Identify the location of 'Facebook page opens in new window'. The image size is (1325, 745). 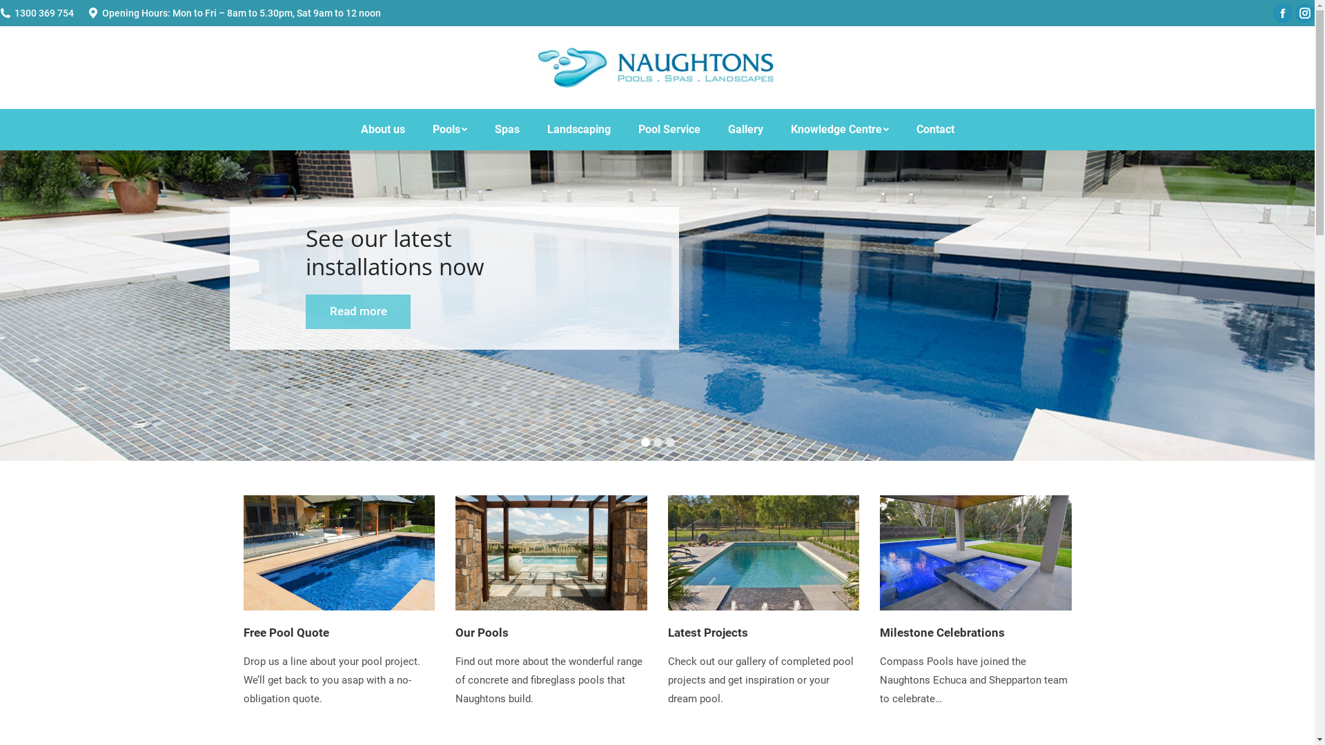
(1282, 13).